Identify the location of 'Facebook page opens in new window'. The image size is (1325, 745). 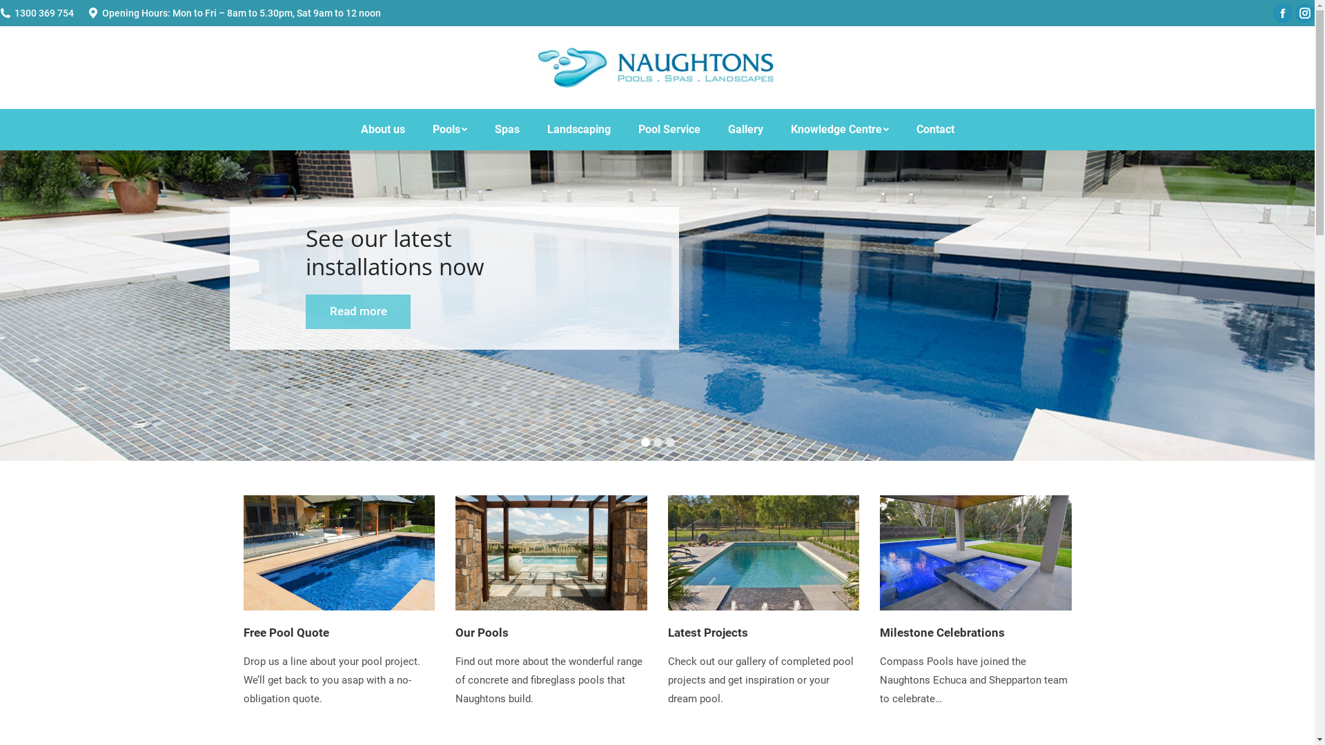
(1282, 13).